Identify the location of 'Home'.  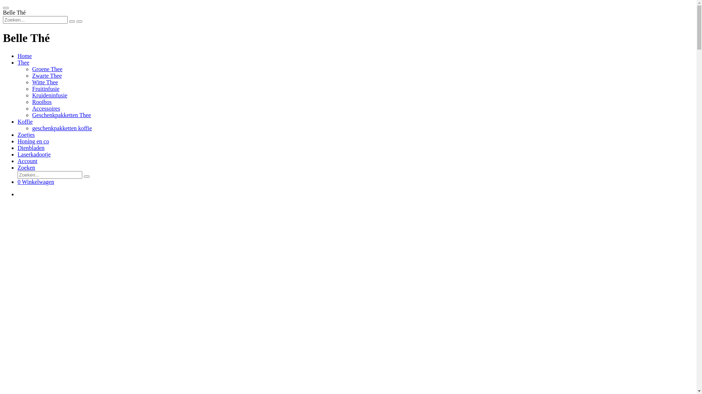
(24, 55).